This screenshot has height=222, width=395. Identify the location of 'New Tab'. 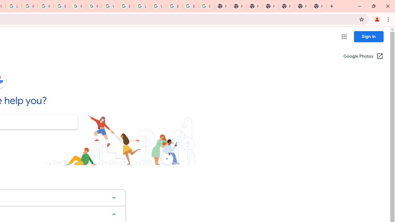
(318, 6).